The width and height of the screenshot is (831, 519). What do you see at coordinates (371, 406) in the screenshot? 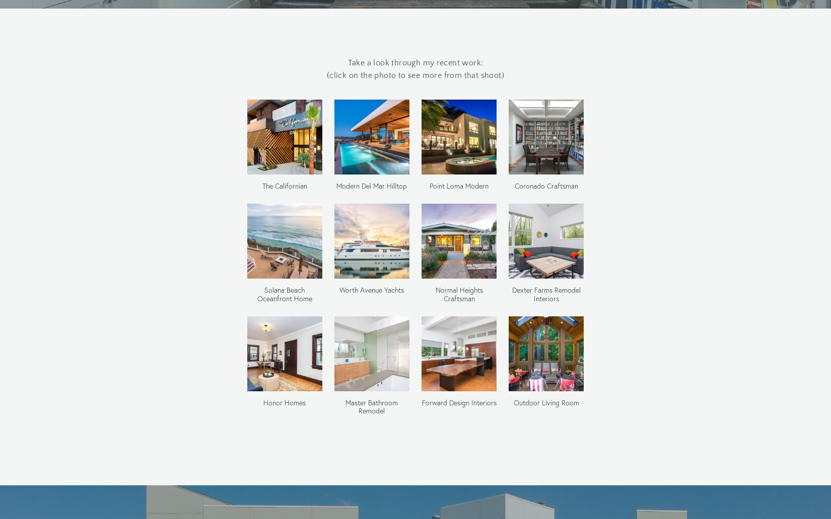
I see `'Master Bathroom Remodel'` at bounding box center [371, 406].